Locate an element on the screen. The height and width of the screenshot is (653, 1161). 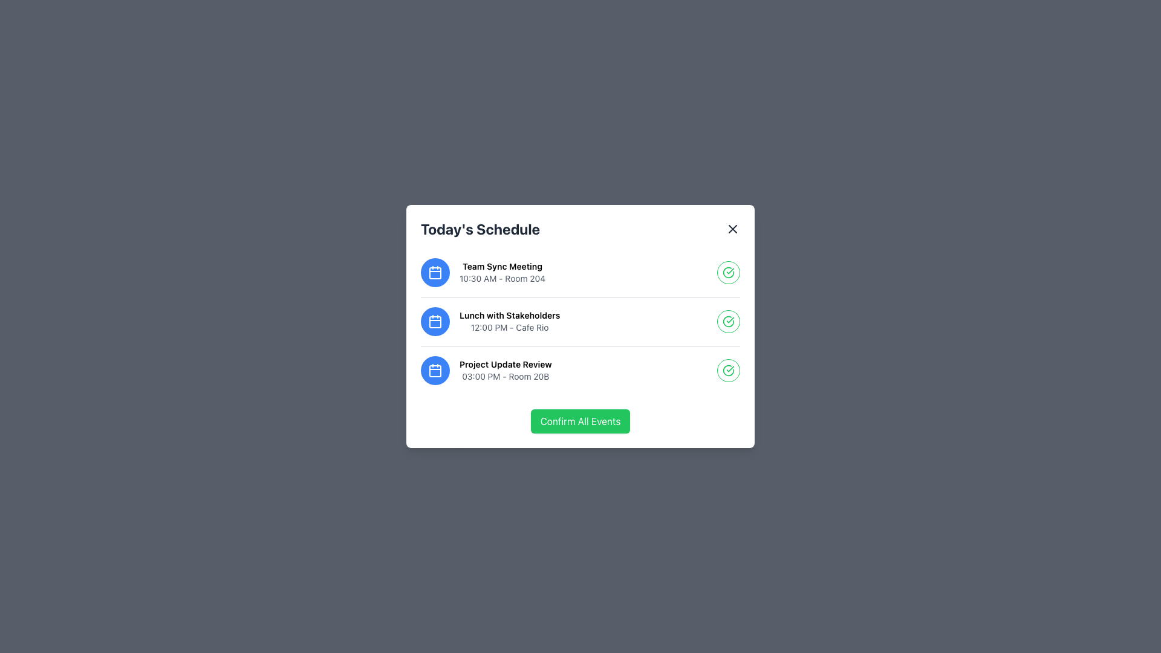
the text label displaying '03:00 PM - Room 20B', which is the second line of text supporting the event title 'Project Update Review' in the schedule view is located at coordinates (506, 376).